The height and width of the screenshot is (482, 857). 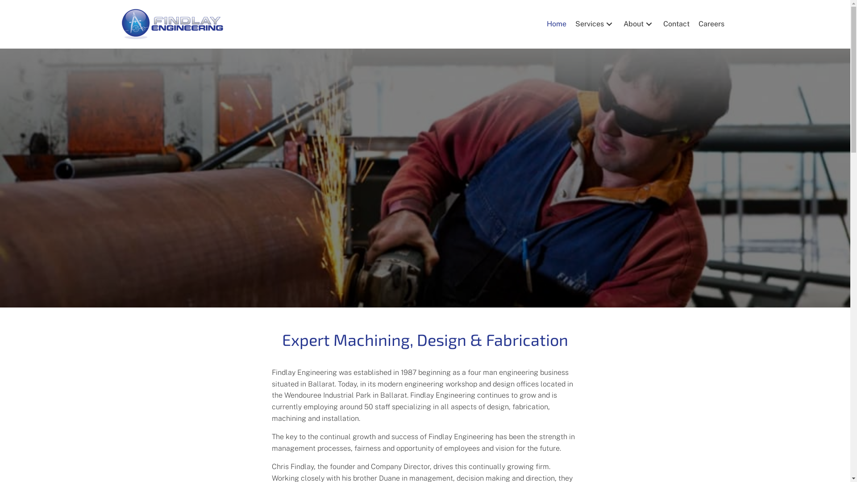 I want to click on 'About', so click(x=618, y=24).